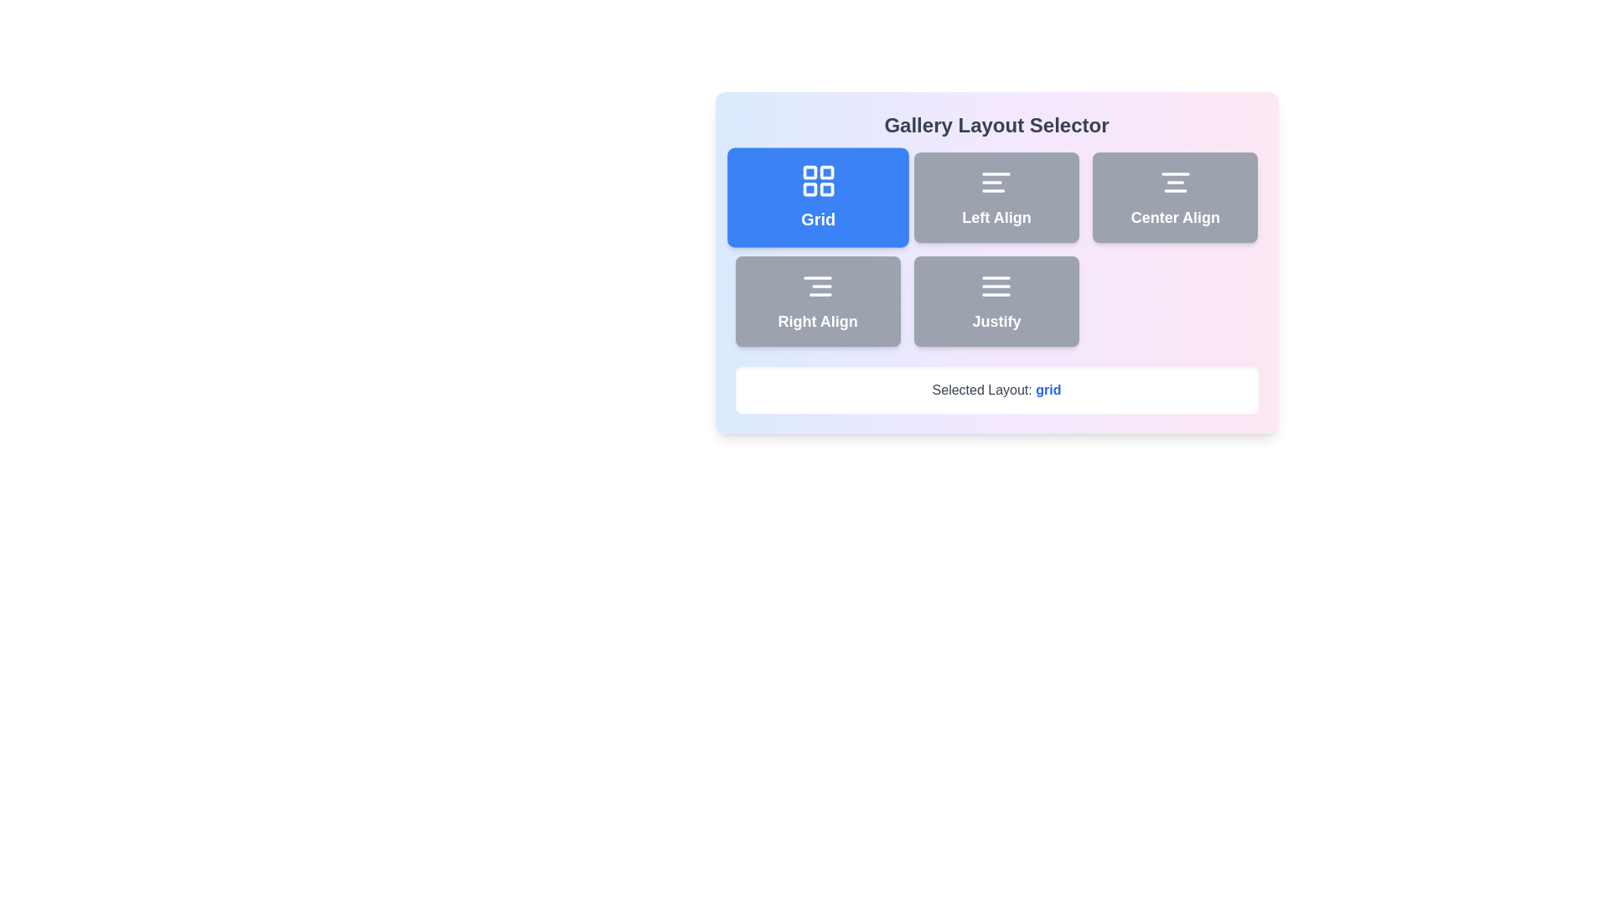  I want to click on the 'Right Align' button, so click(818, 300).